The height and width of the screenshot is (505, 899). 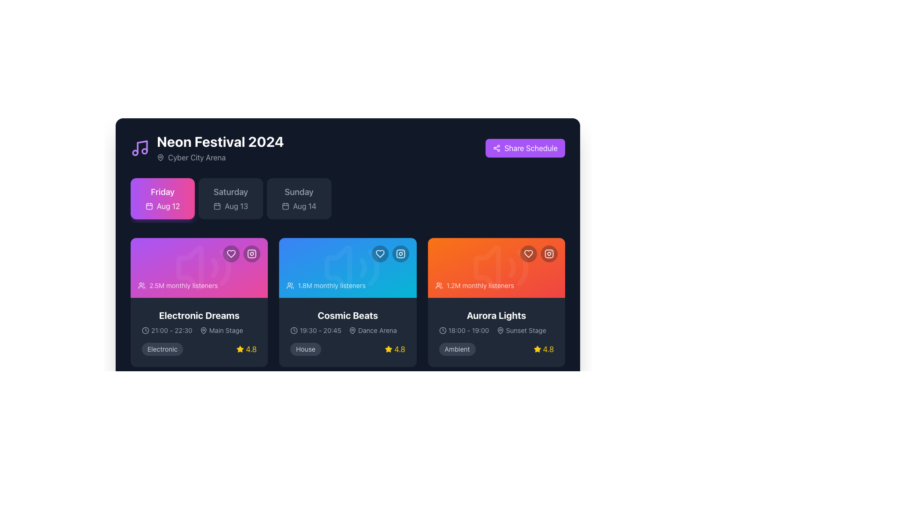 I want to click on the button labeled 'Saturday' with a dark gray background, so click(x=231, y=198).